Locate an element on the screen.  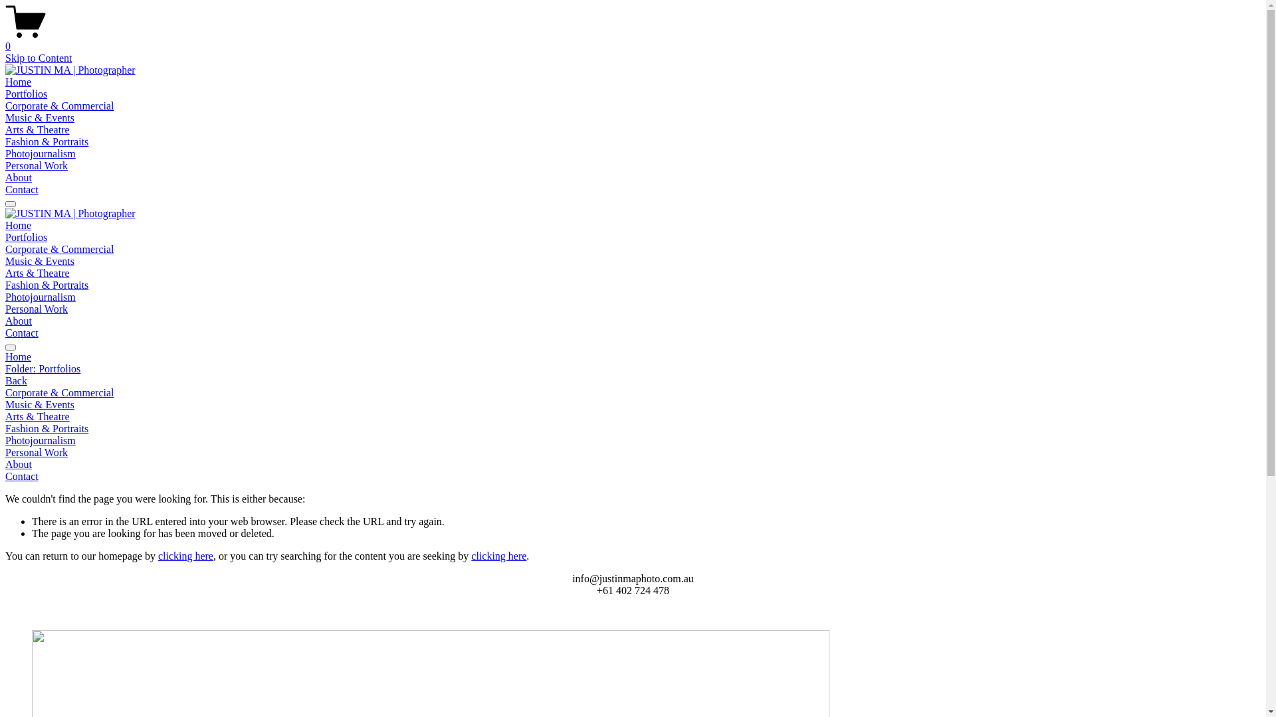
'Music & Events' is located at coordinates (39, 261).